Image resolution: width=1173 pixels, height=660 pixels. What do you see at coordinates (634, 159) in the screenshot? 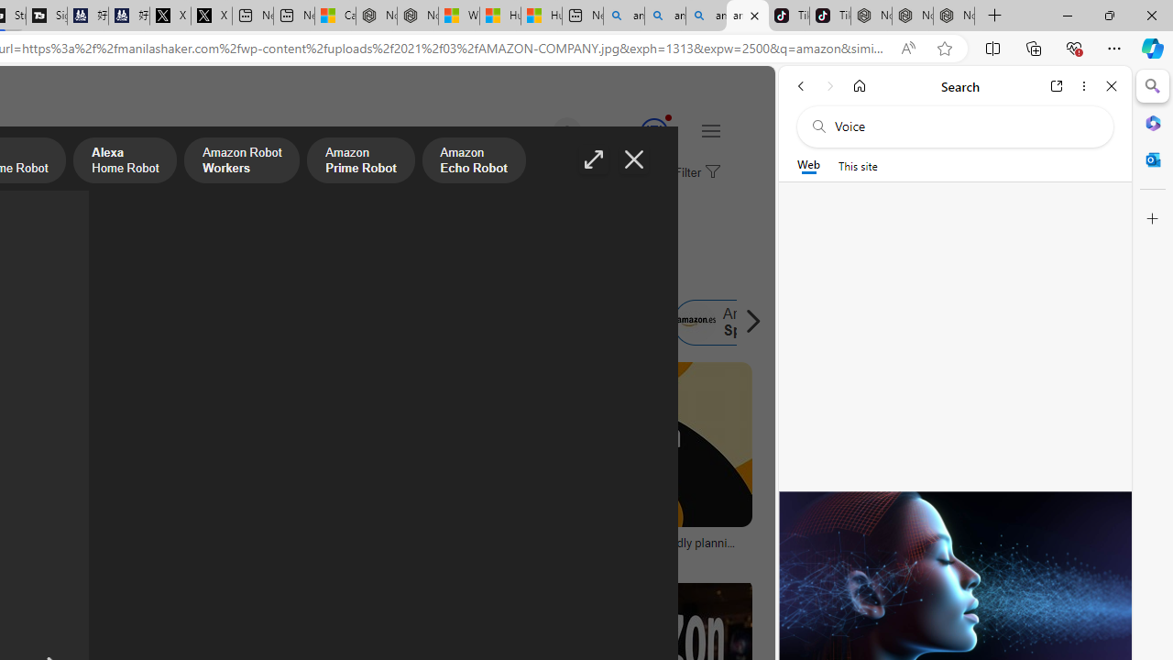
I see `'Close image'` at bounding box center [634, 159].